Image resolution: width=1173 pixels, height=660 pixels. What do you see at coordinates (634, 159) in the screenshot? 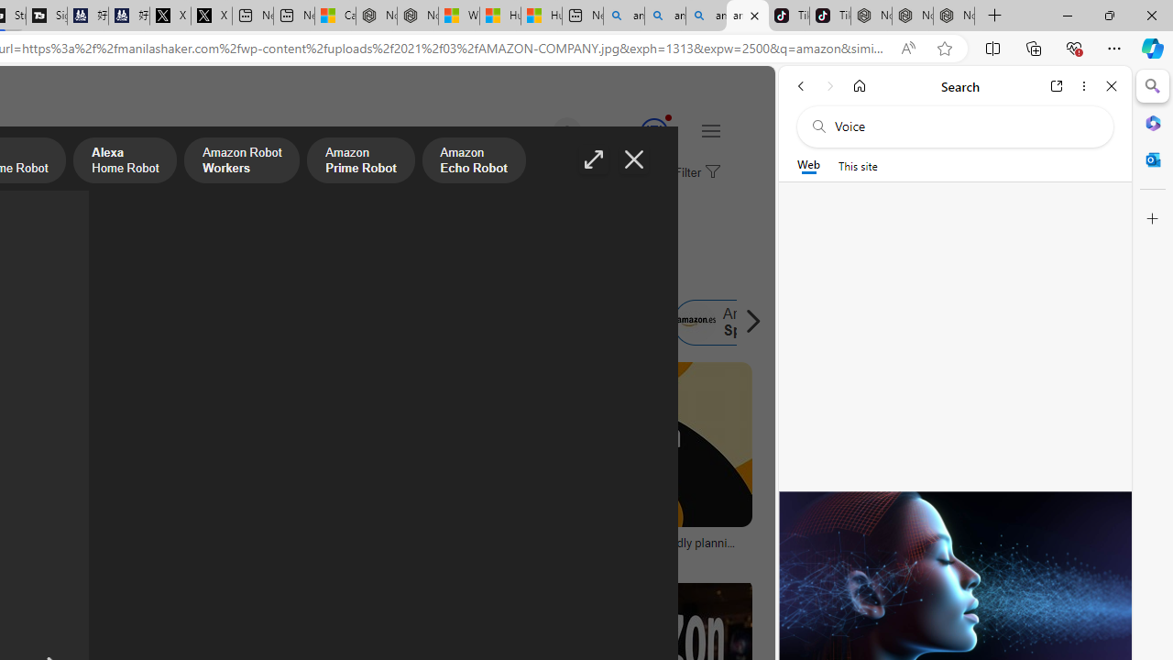
I see `'Close image'` at bounding box center [634, 159].